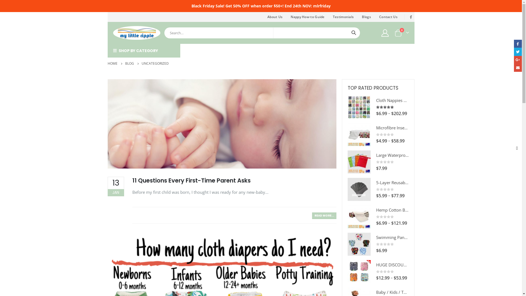  I want to click on 'Search', so click(354, 33).